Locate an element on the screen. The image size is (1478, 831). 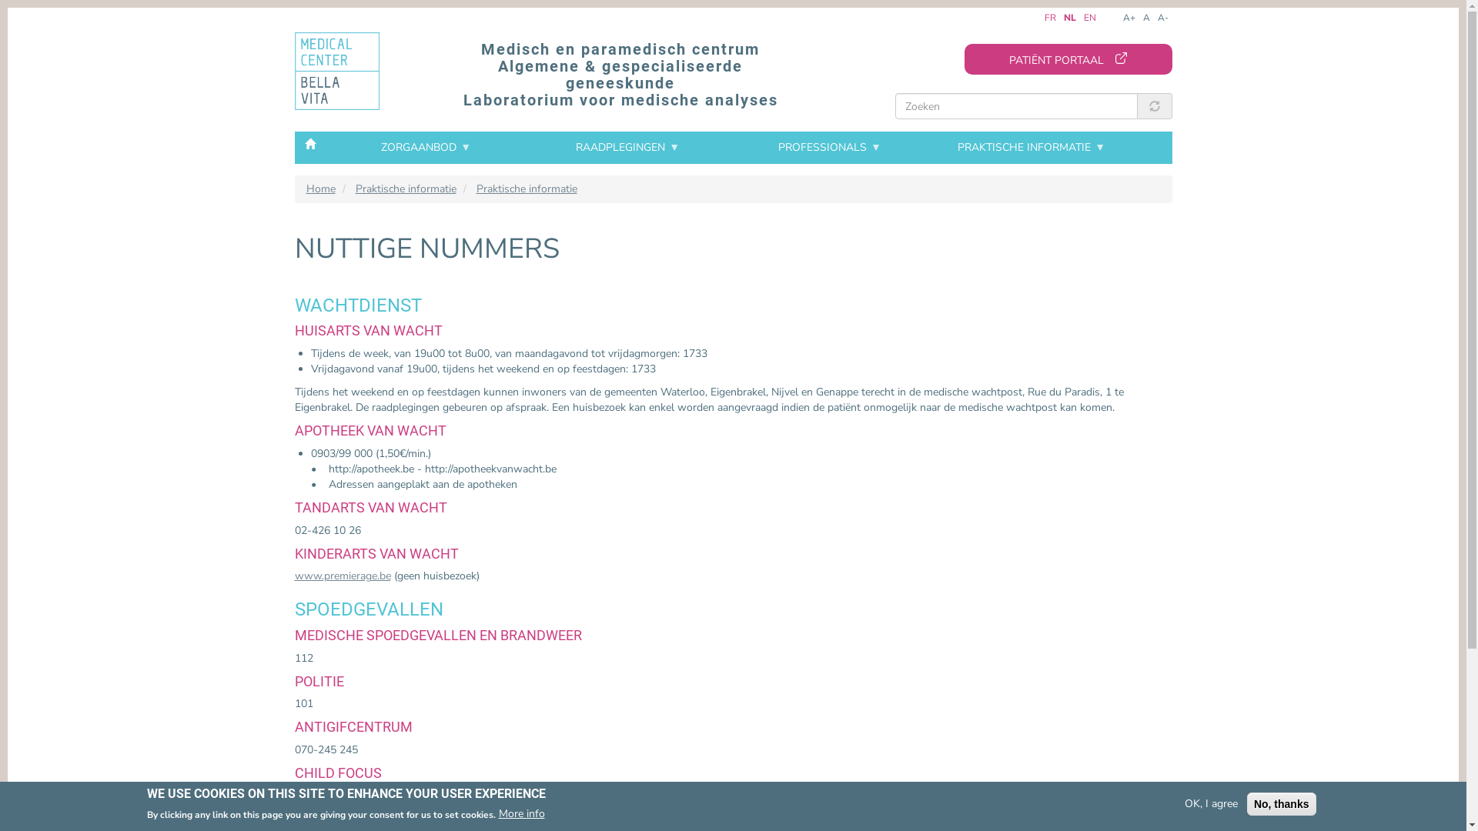
'FR' is located at coordinates (1044, 18).